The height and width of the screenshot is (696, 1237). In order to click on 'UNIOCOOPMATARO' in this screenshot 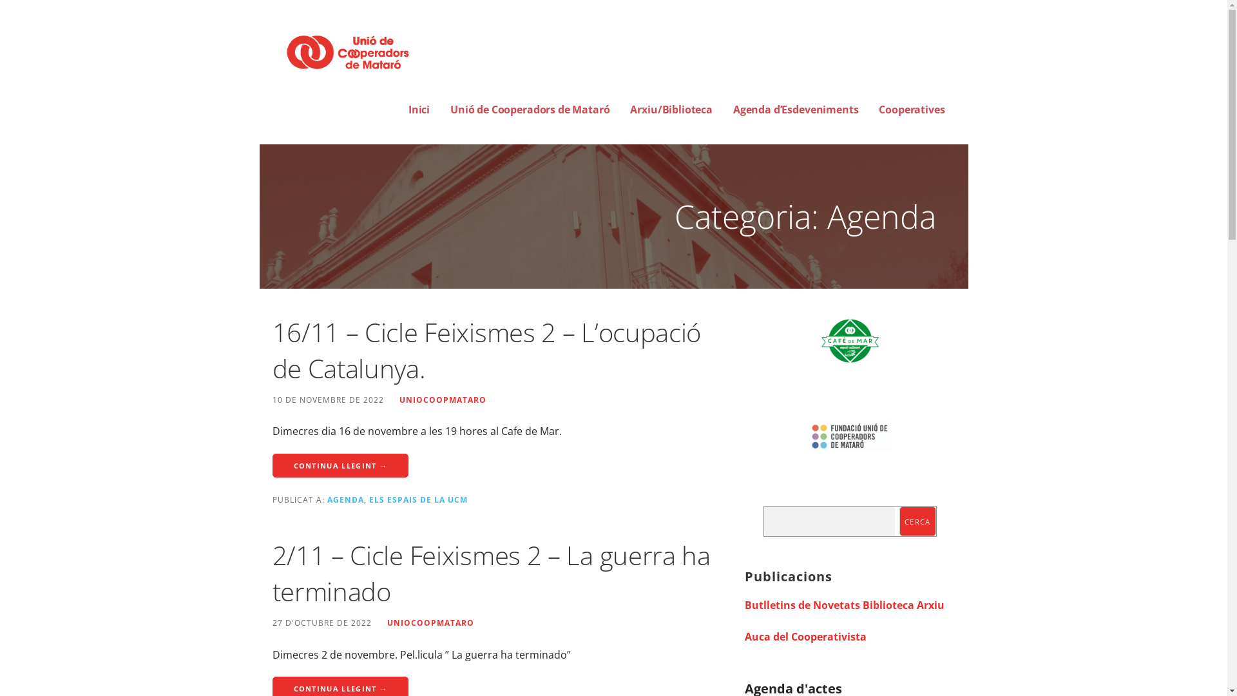, I will do `click(398, 399)`.